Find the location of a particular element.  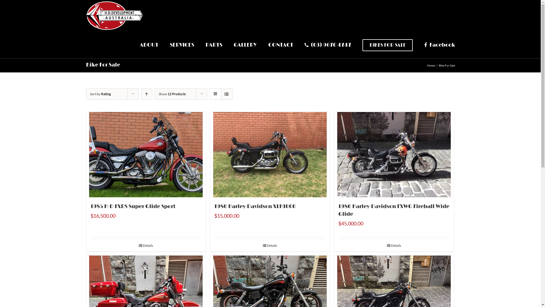

'CONTACT' is located at coordinates (280, 44).